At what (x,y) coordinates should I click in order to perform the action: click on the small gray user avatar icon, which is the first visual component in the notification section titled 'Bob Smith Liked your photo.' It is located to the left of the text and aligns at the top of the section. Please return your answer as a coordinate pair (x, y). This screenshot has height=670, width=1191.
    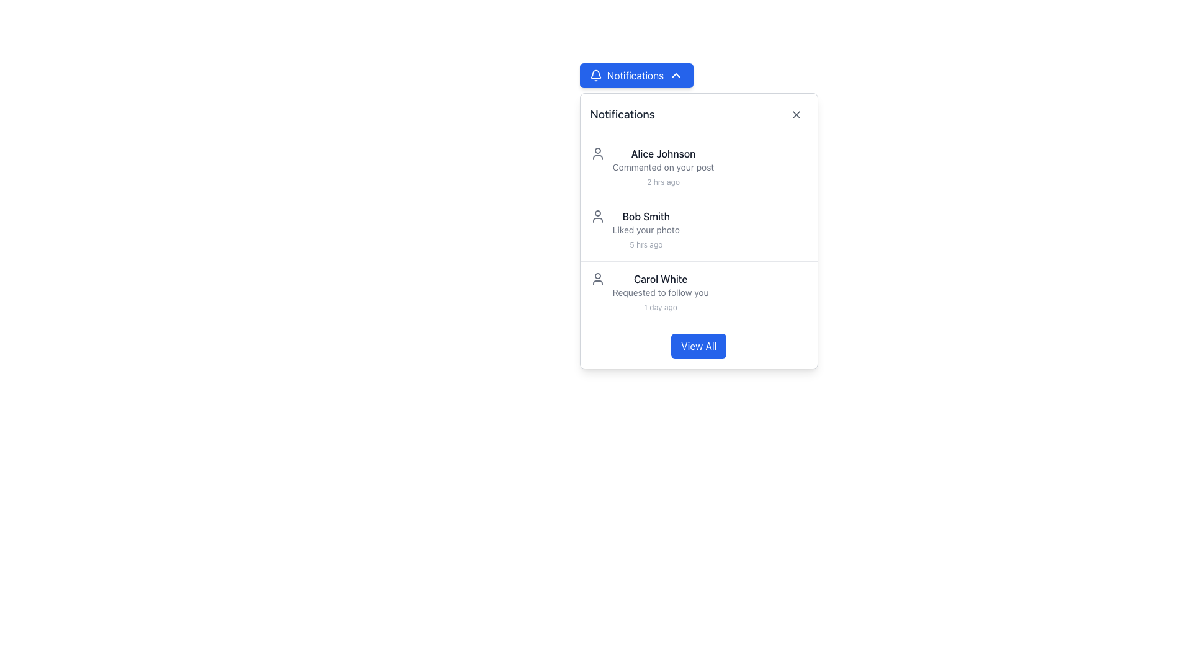
    Looking at the image, I should click on (597, 215).